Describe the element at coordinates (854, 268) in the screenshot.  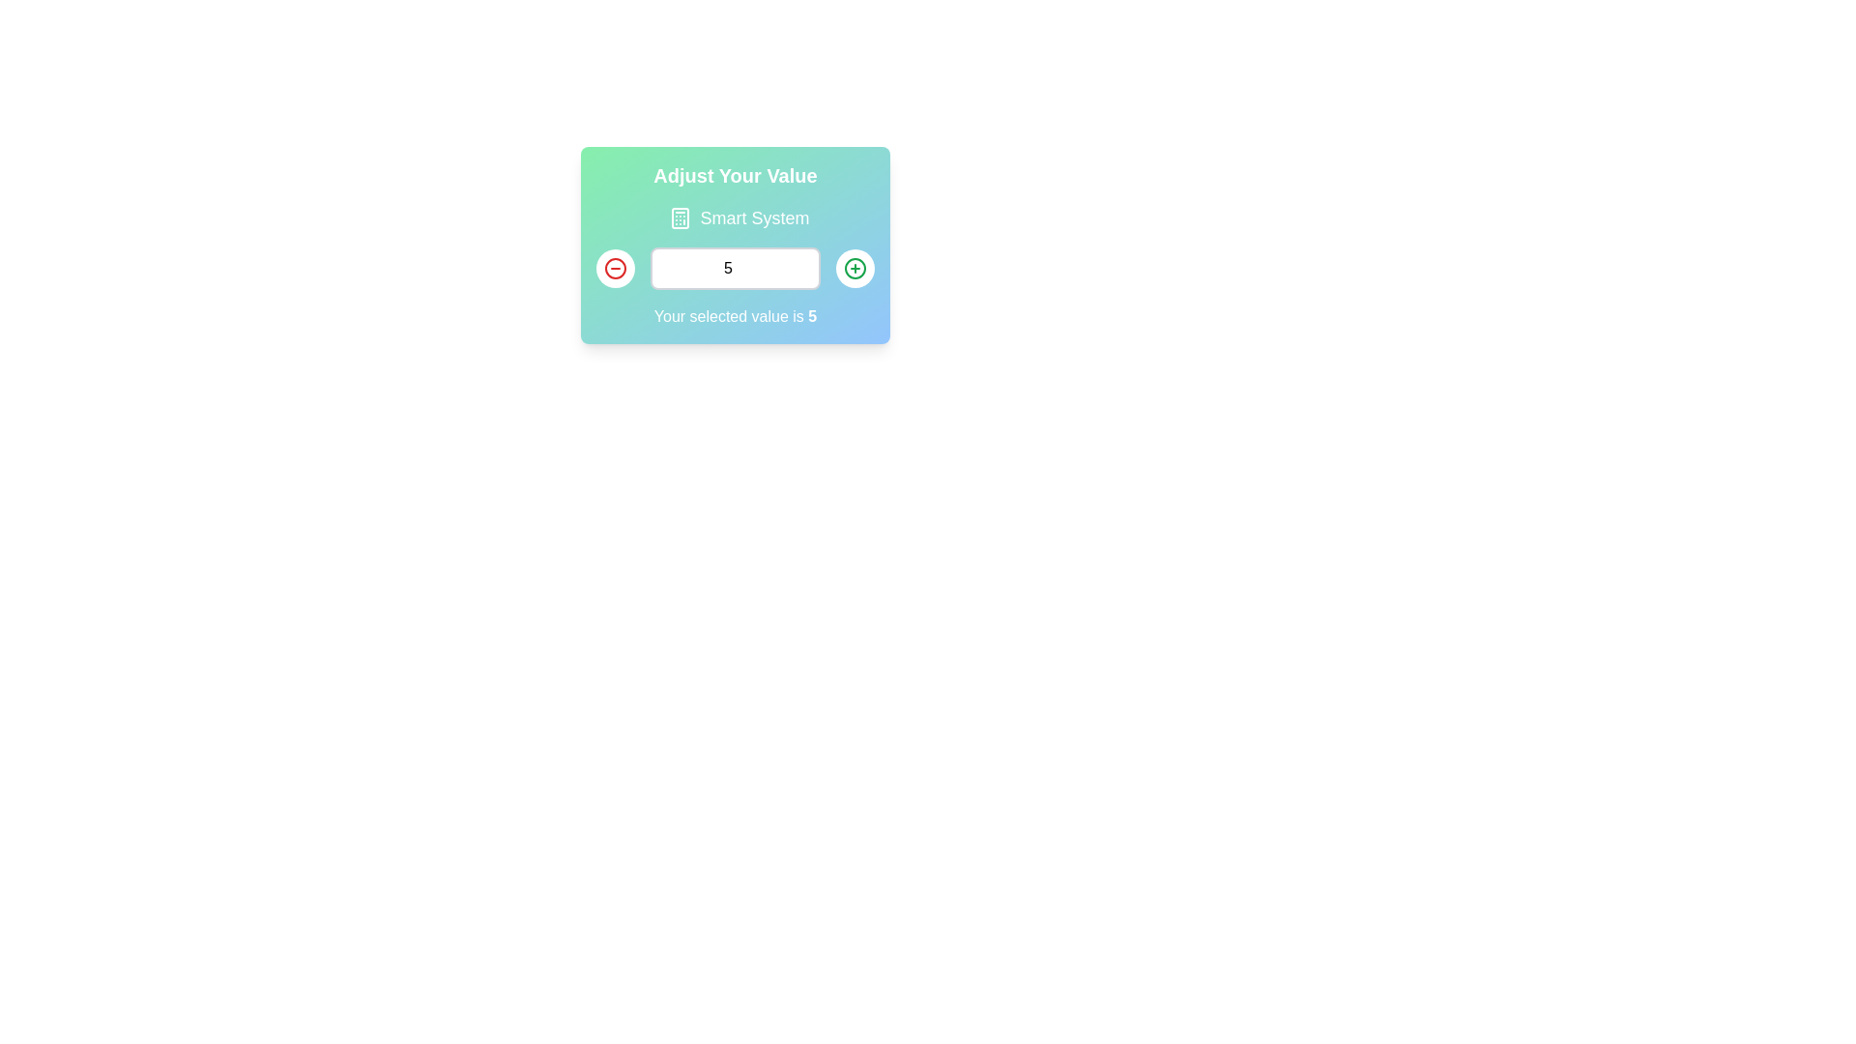
I see `the circular button with a '+' symbol in its center, which has a white background and a green border, to increment` at that location.